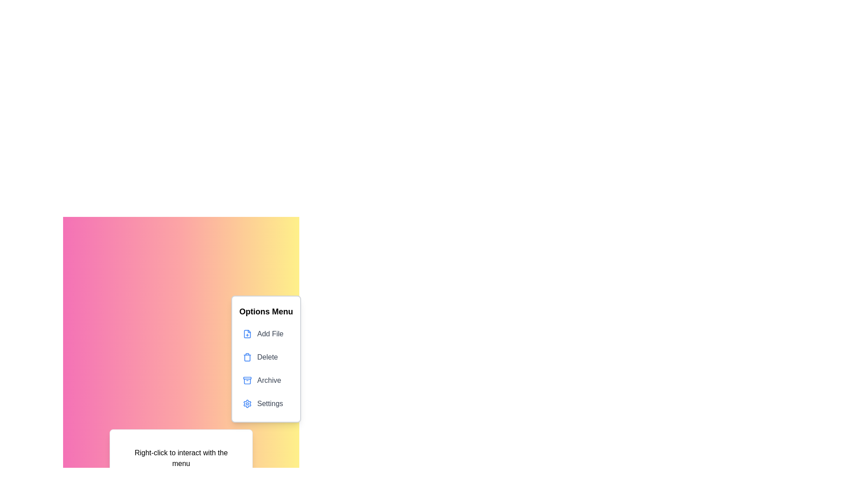  What do you see at coordinates (266, 381) in the screenshot?
I see `the 'Archive' option in the context menu` at bounding box center [266, 381].